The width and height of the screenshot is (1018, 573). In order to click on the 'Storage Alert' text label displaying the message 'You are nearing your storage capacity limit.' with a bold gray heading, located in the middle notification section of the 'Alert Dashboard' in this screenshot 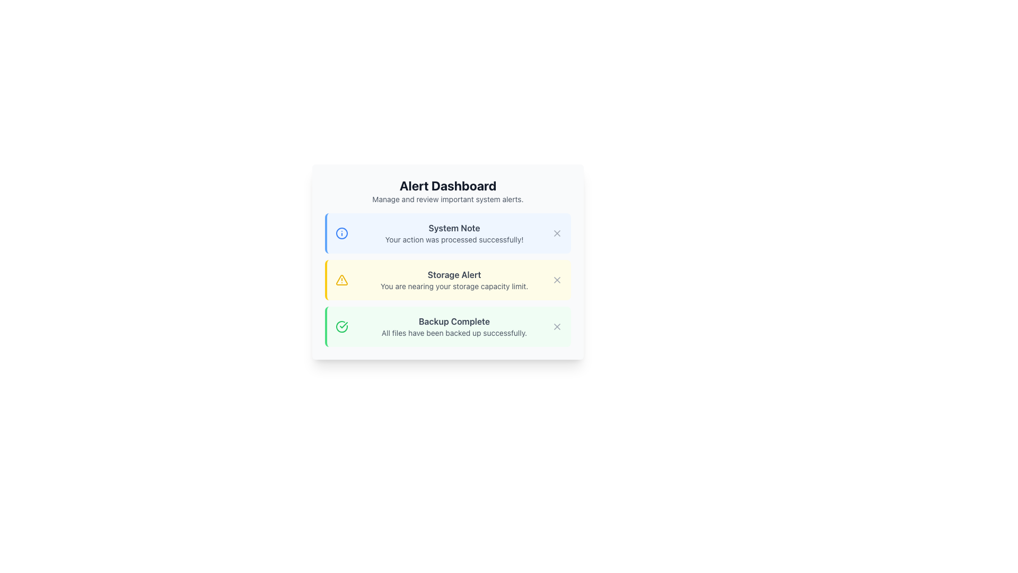, I will do `click(454, 280)`.